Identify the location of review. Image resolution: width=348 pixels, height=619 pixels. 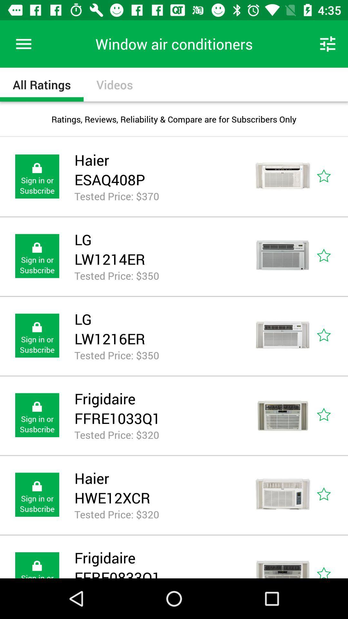
(331, 256).